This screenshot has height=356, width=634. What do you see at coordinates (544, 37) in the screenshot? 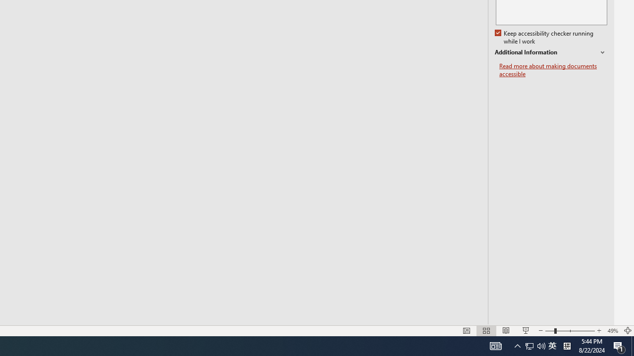
I see `'Keep accessibility checker running while I work'` at bounding box center [544, 37].